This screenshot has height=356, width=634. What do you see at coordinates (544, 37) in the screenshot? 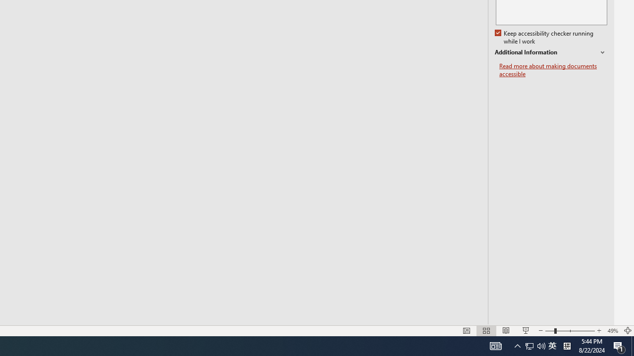
I see `'Keep accessibility checker running while I work'` at bounding box center [544, 37].